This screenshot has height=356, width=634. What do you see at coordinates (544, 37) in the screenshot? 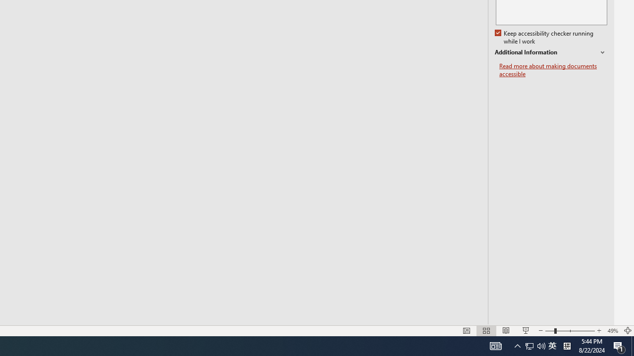
I see `'Keep accessibility checker running while I work'` at bounding box center [544, 37].